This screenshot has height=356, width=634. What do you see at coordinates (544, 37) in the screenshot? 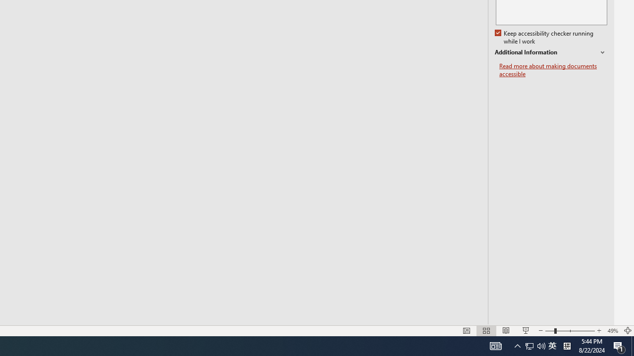
I see `'Keep accessibility checker running while I work'` at bounding box center [544, 37].